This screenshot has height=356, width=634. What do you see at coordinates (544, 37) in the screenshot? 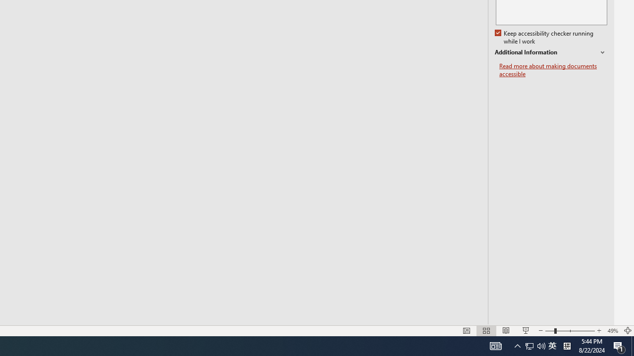
I see `'Keep accessibility checker running while I work'` at bounding box center [544, 37].